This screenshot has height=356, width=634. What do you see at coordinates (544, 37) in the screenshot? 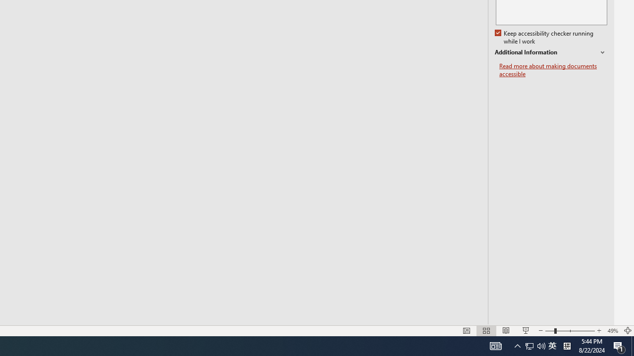
I see `'Keep accessibility checker running while I work'` at bounding box center [544, 37].